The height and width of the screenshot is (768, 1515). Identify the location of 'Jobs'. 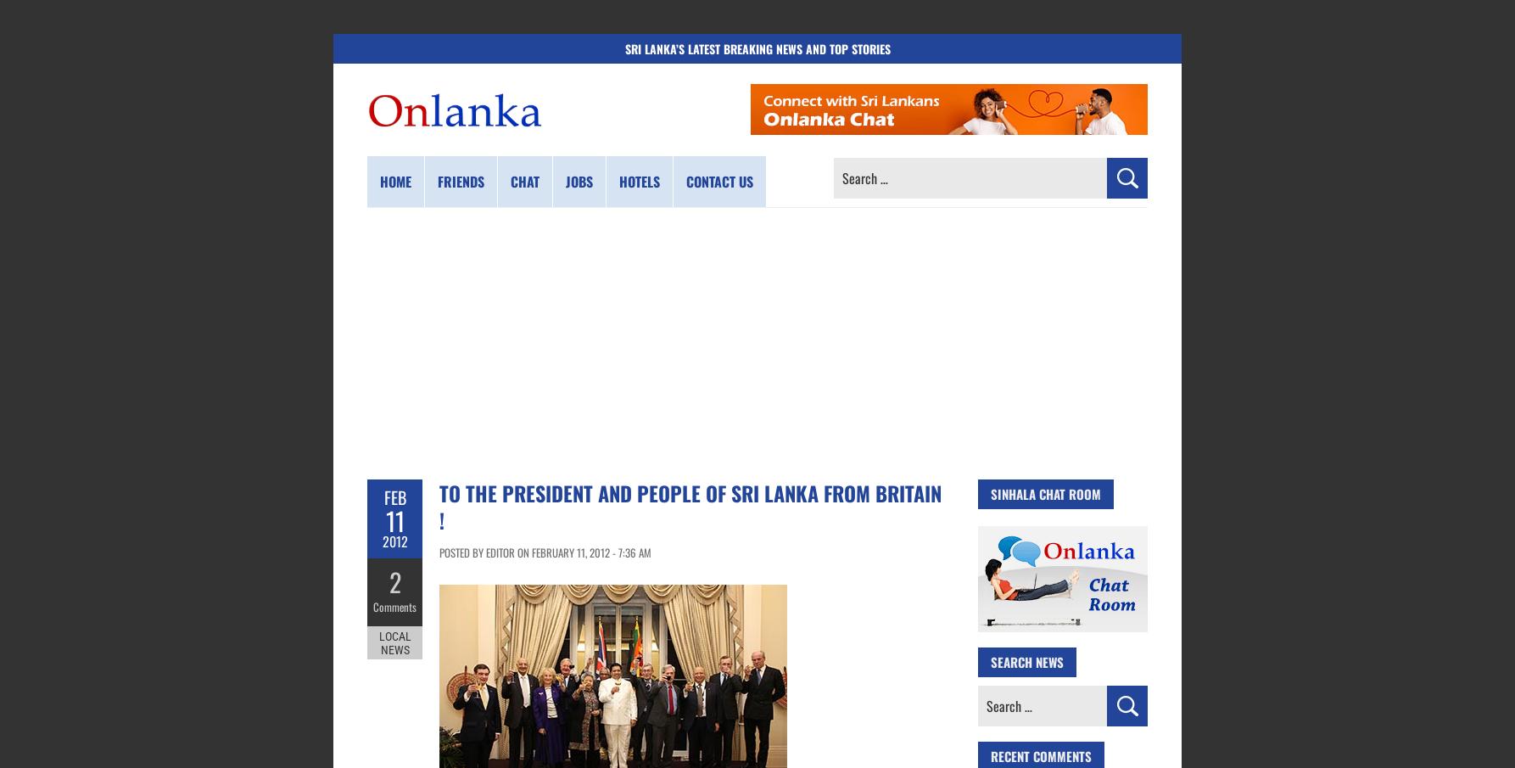
(579, 181).